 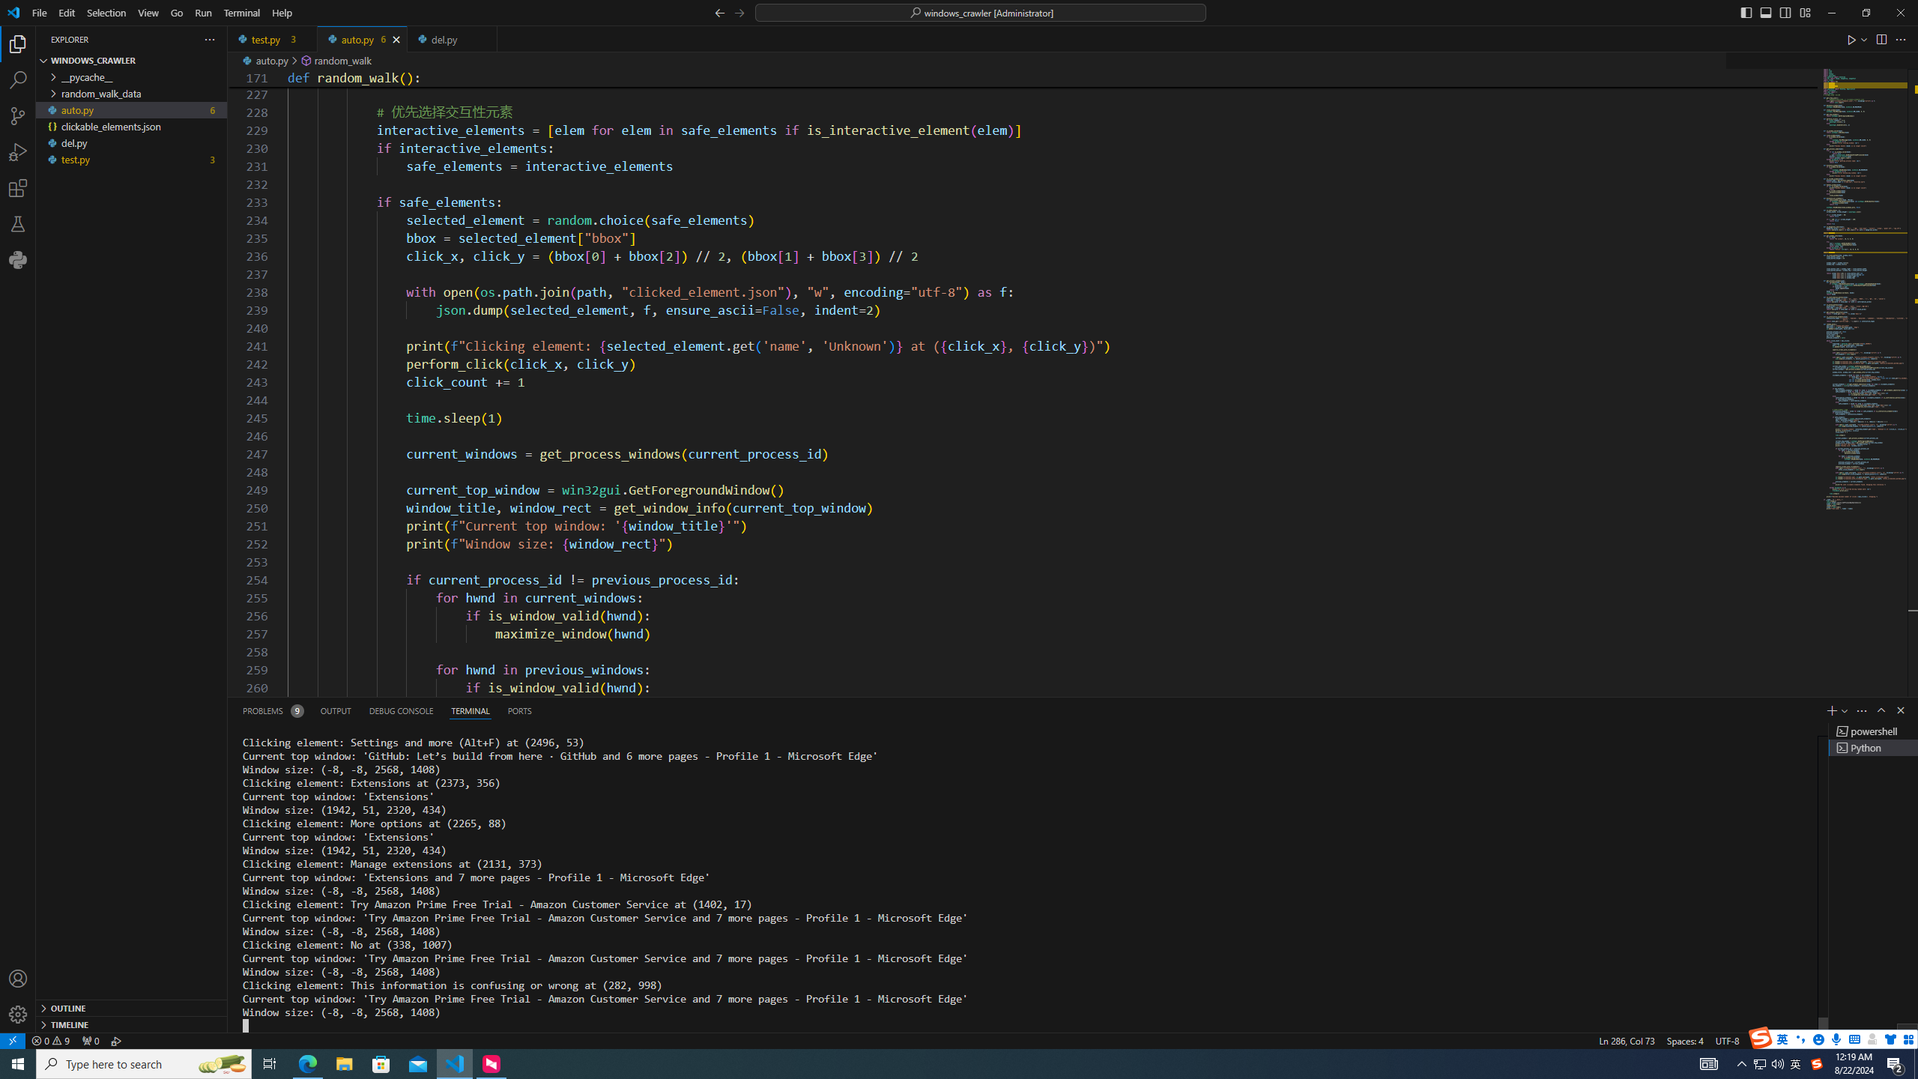 What do you see at coordinates (271, 710) in the screenshot?
I see `'Problems (Ctrl+Shift+M) - Total 9 Problems'` at bounding box center [271, 710].